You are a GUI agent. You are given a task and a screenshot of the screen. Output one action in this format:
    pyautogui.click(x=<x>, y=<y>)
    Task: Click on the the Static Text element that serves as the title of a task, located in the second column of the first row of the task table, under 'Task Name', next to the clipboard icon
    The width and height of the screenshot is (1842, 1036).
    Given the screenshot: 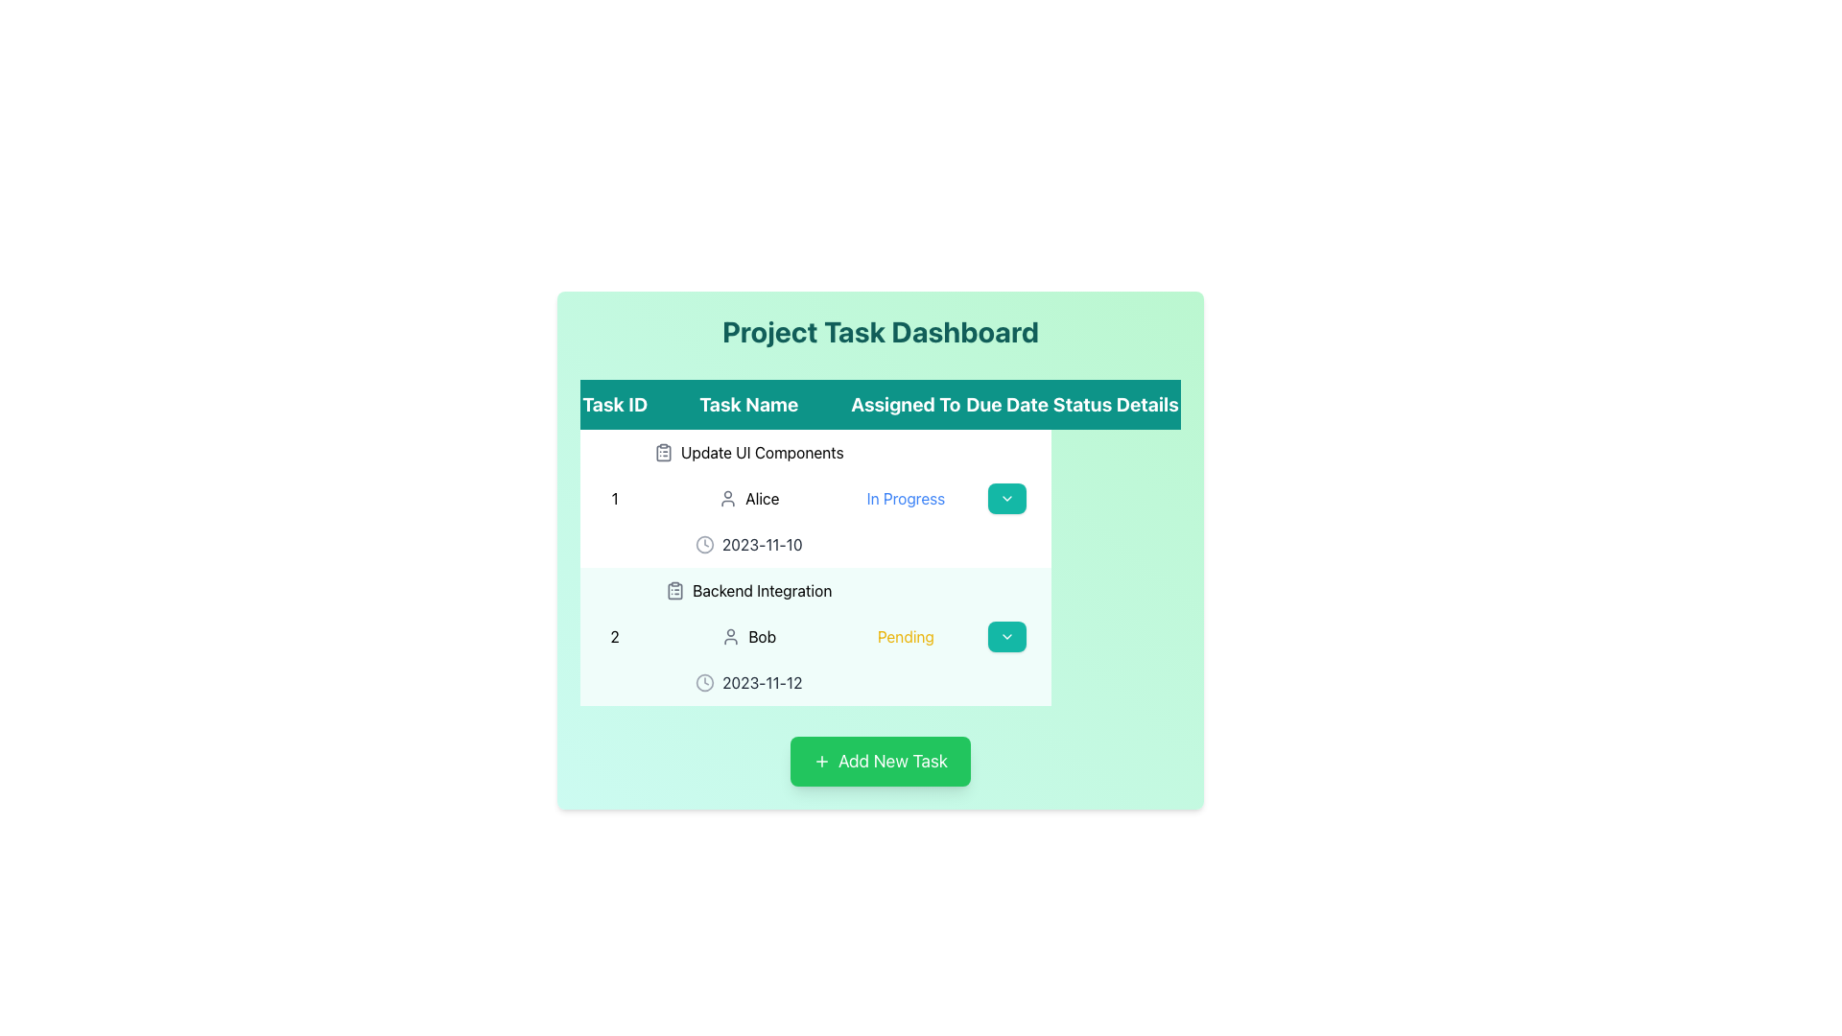 What is the action you would take?
    pyautogui.click(x=761, y=452)
    